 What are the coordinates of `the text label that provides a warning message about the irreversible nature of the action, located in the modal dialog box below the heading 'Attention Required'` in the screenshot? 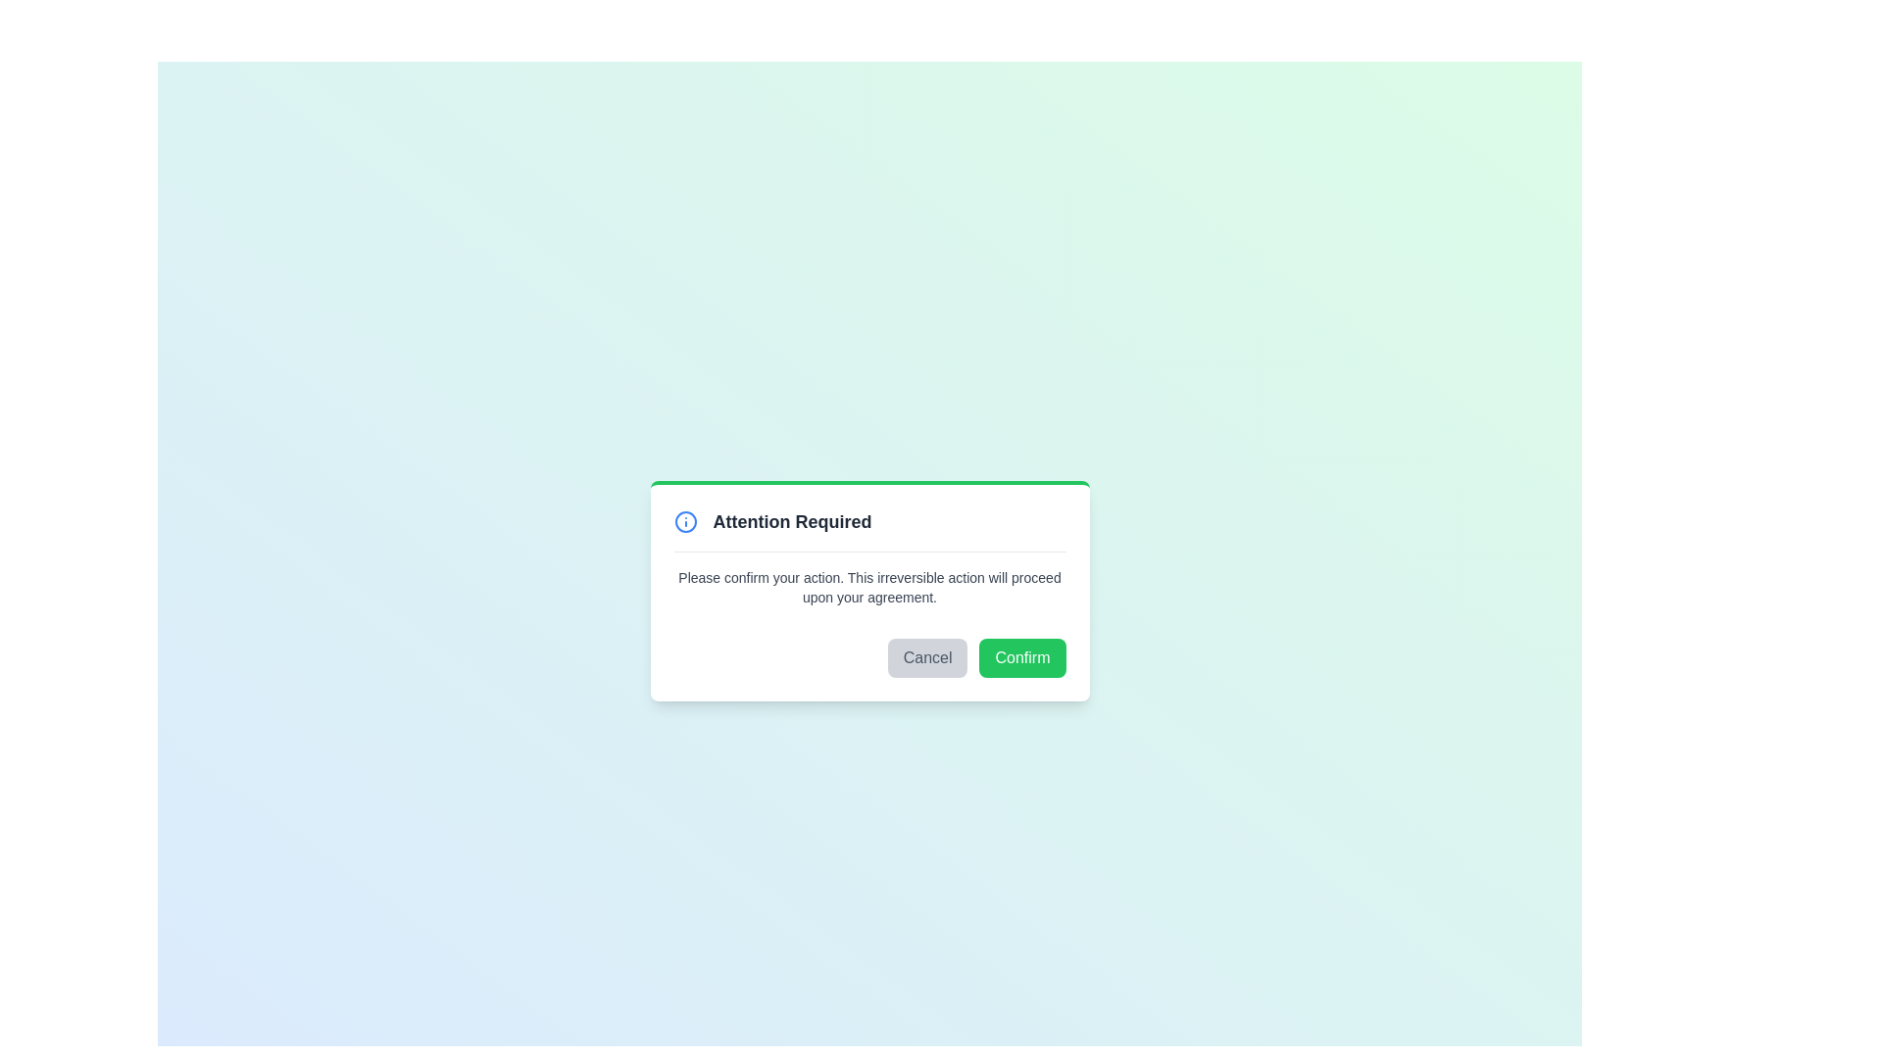 It's located at (868, 586).